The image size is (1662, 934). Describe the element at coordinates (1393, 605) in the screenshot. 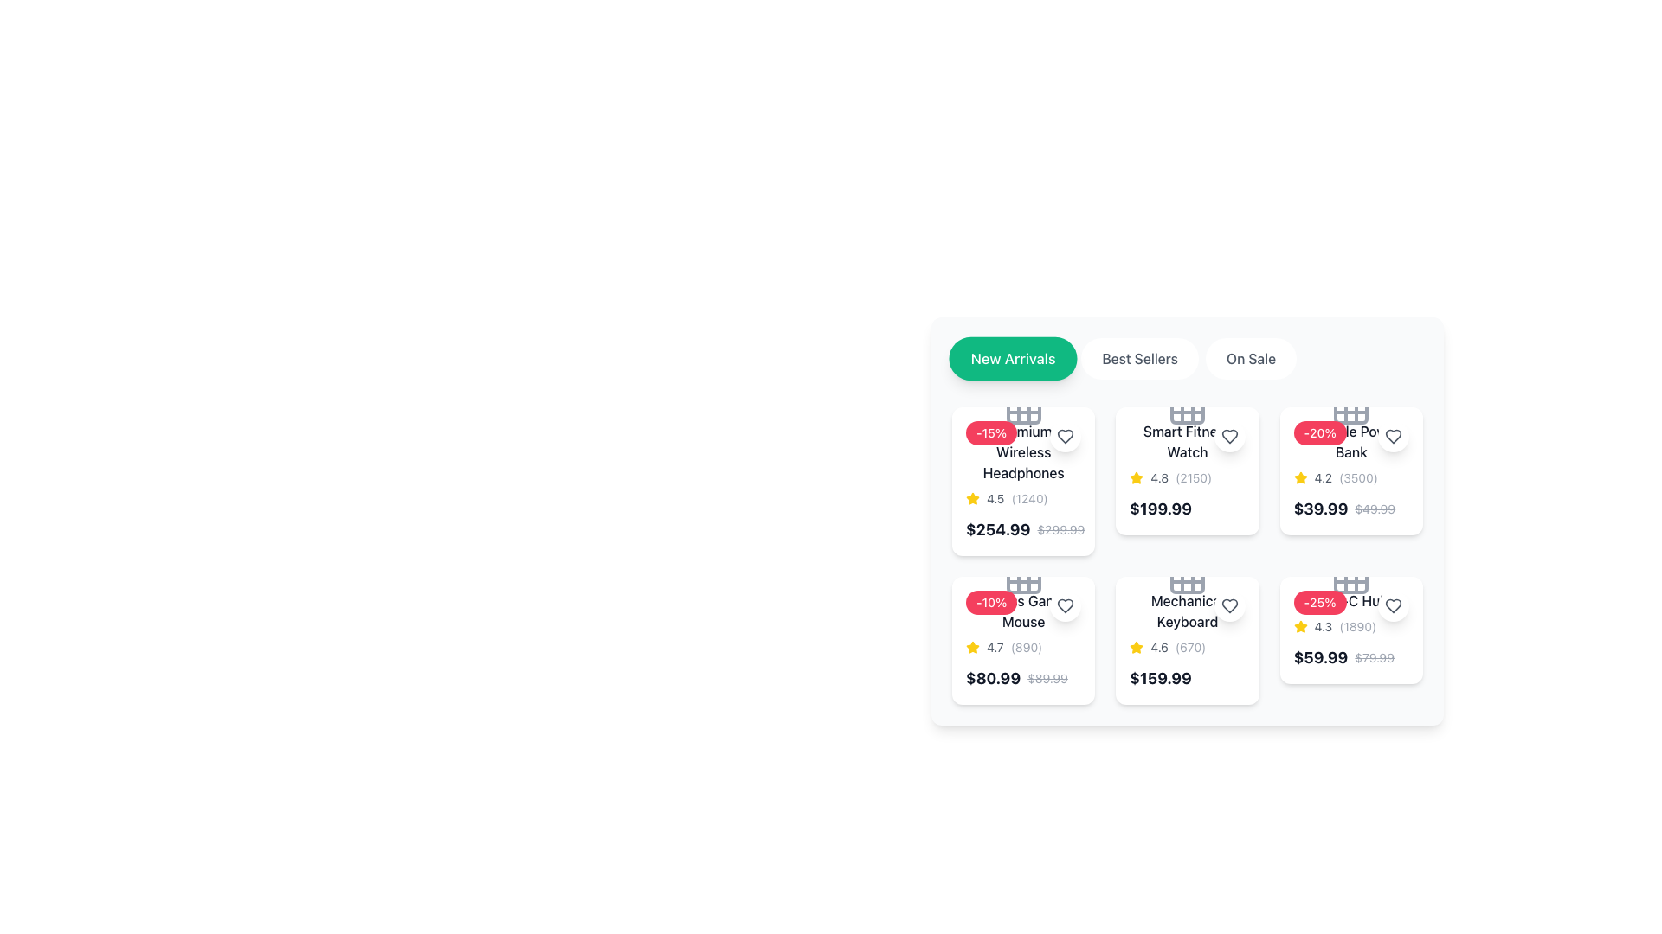

I see `the heart icon located at the top-right corner of the product card in the bottom-right of the grid to like or save the product for later reference` at that location.